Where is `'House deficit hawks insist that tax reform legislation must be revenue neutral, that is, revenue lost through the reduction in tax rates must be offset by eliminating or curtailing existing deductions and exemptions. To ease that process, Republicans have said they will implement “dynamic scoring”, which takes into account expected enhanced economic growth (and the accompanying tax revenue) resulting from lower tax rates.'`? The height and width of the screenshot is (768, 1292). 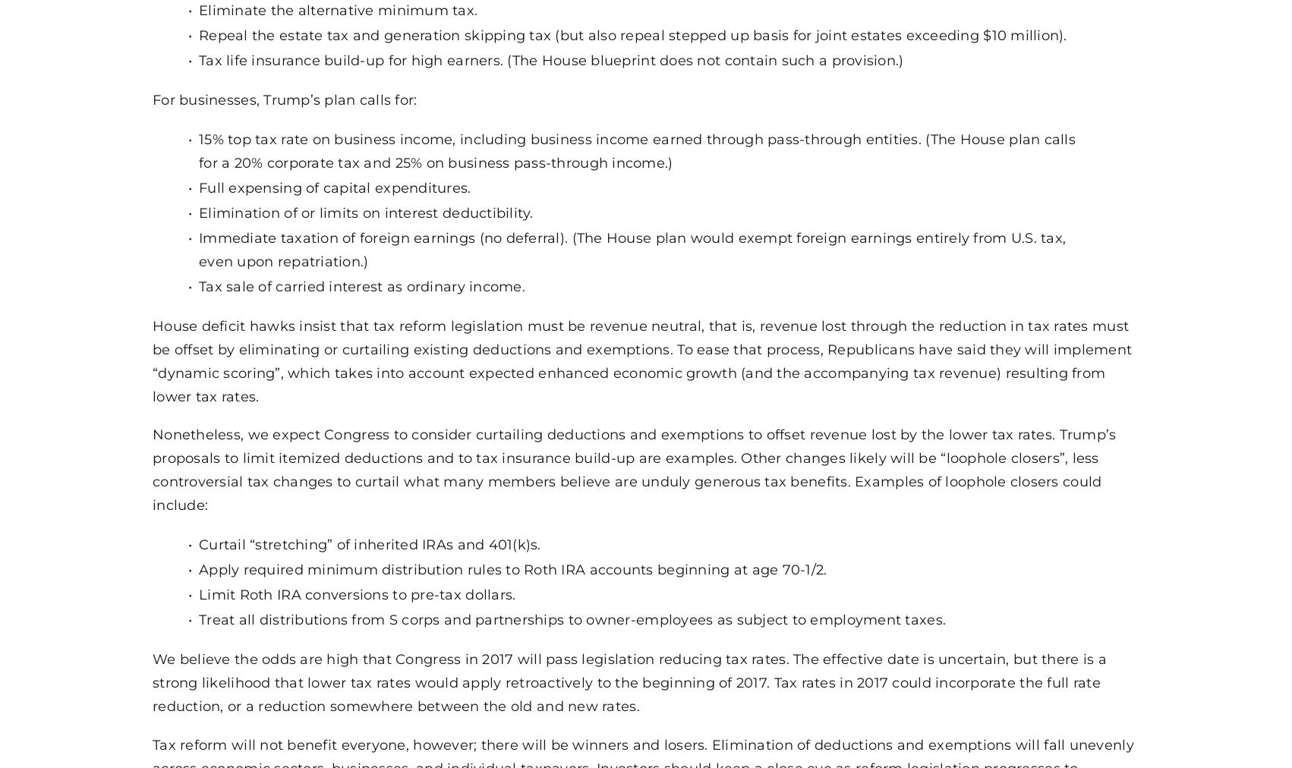 'House deficit hawks insist that tax reform legislation must be revenue neutral, that is, revenue lost through the reduction in tax rates must be offset by eliminating or curtailing existing deductions and exemptions. To ease that process, Republicans have said they will implement “dynamic scoring”, which takes into account expected enhanced economic growth (and the accompanying tax revenue) resulting from lower tax rates.' is located at coordinates (152, 360).